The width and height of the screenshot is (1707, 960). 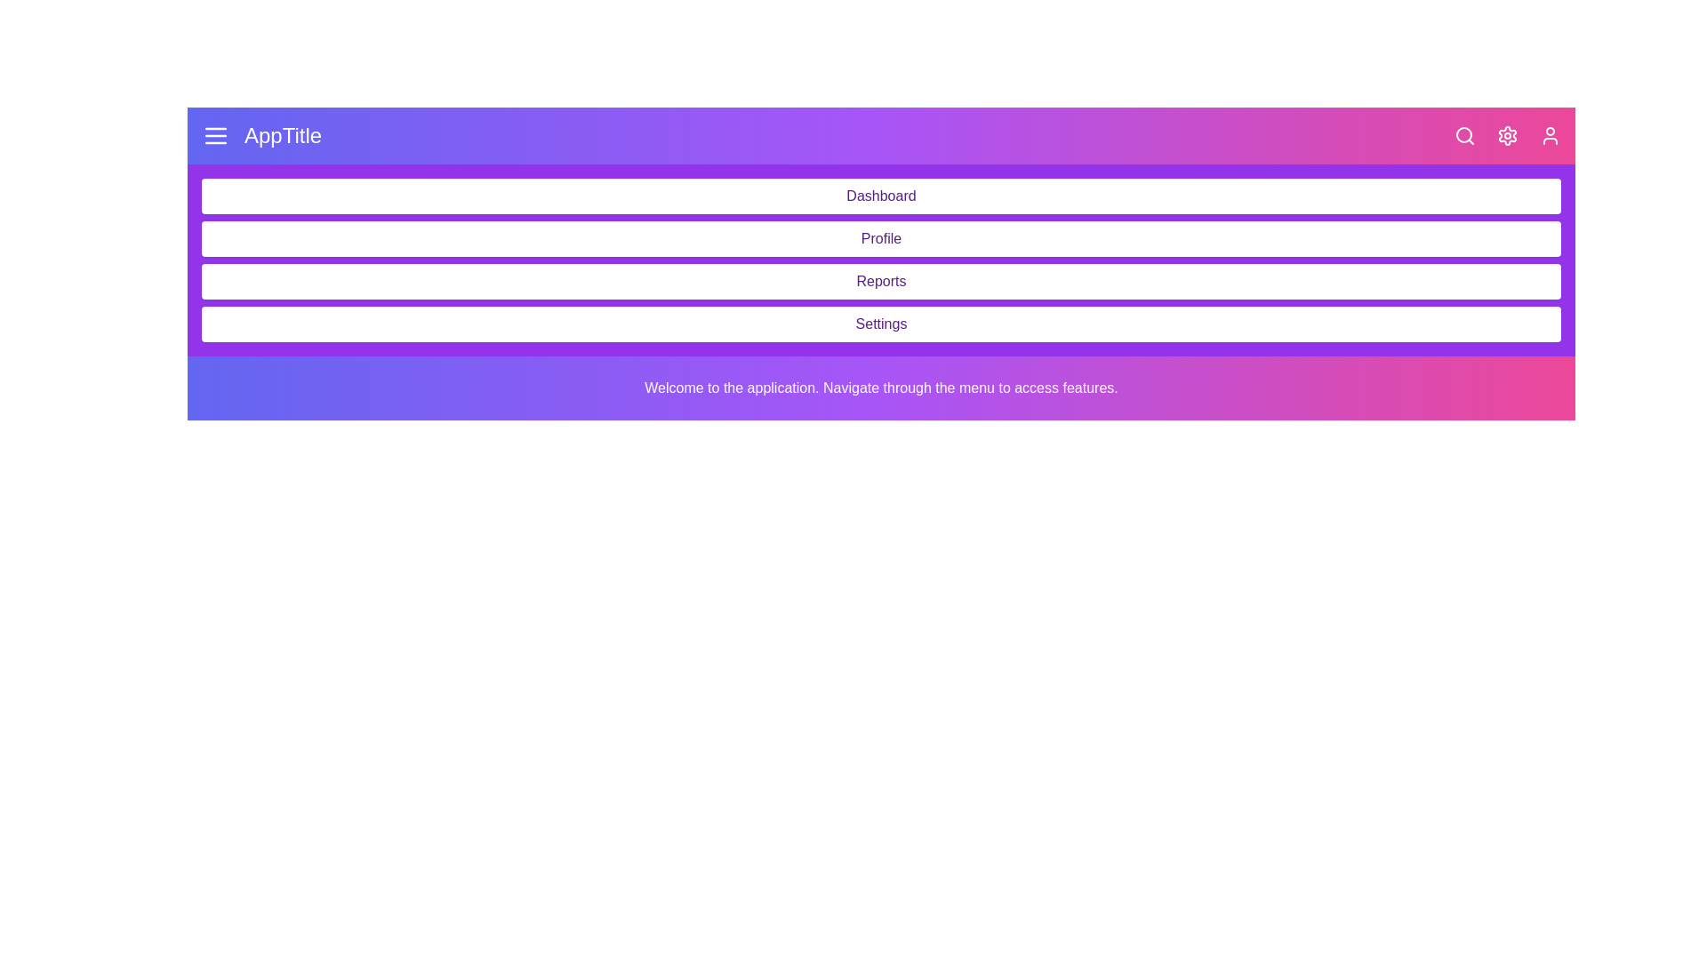 I want to click on the welcome text located in the main content area, so click(x=881, y=387).